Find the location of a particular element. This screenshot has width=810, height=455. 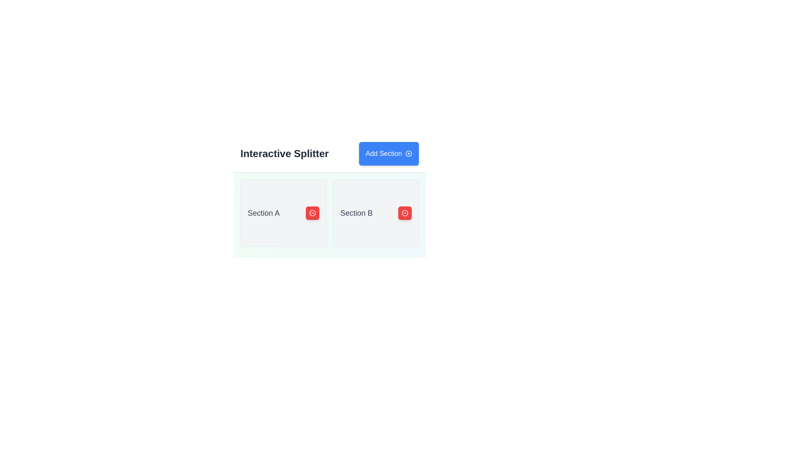

the button used to add a new section, located to the right of the text 'Interactive Splitter' in the top header region is located at coordinates (388, 154).